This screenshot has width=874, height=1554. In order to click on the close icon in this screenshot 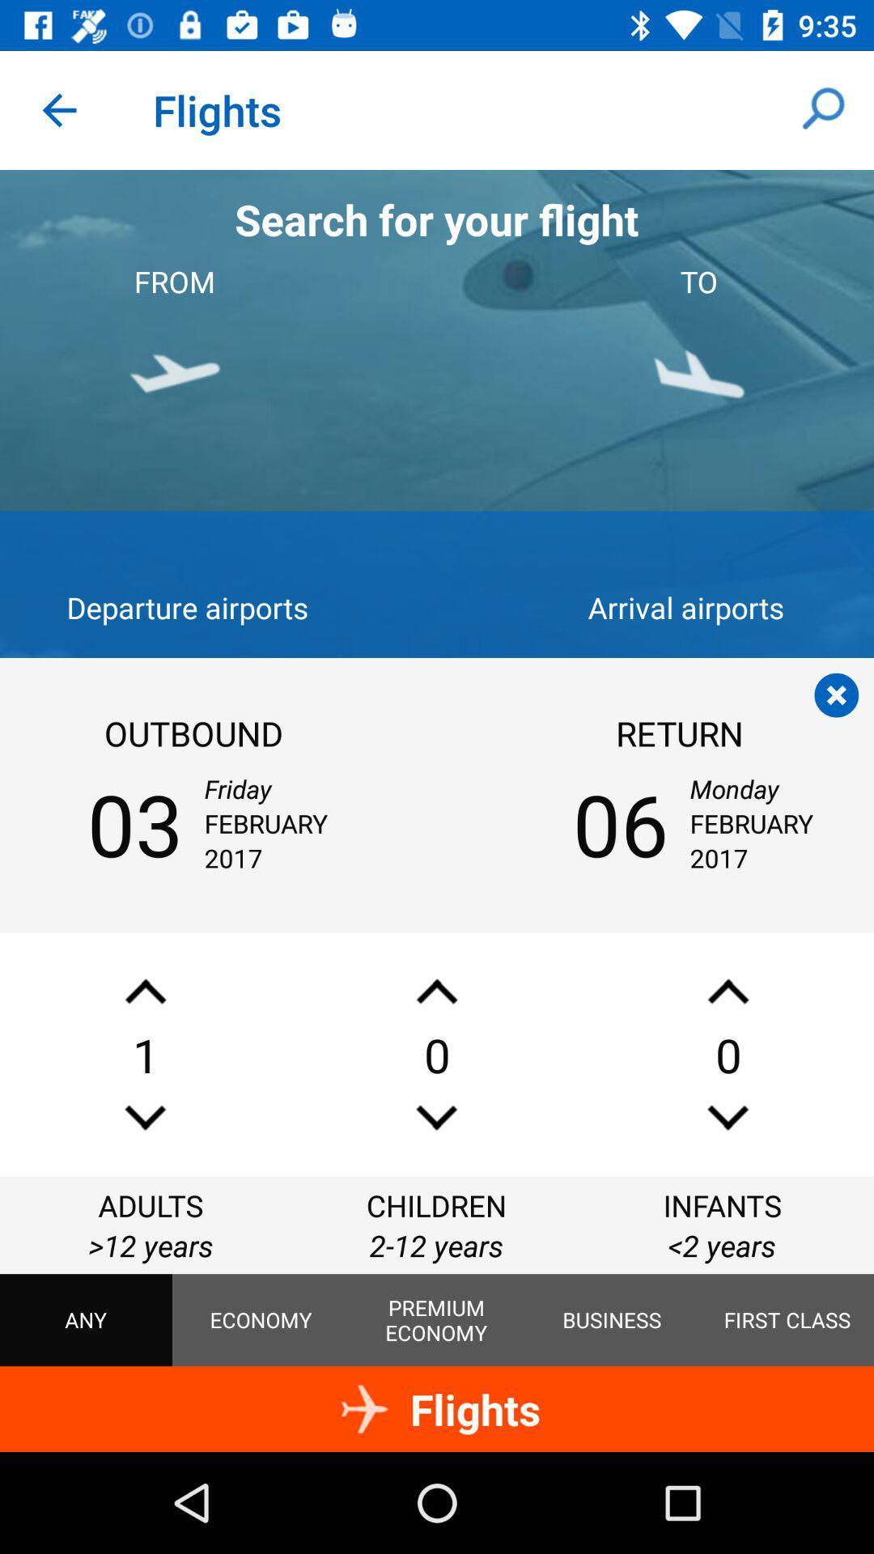, I will do `click(836, 695)`.